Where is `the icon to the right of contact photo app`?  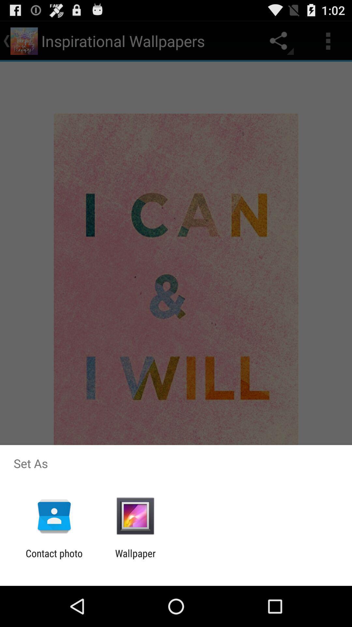
the icon to the right of contact photo app is located at coordinates (135, 559).